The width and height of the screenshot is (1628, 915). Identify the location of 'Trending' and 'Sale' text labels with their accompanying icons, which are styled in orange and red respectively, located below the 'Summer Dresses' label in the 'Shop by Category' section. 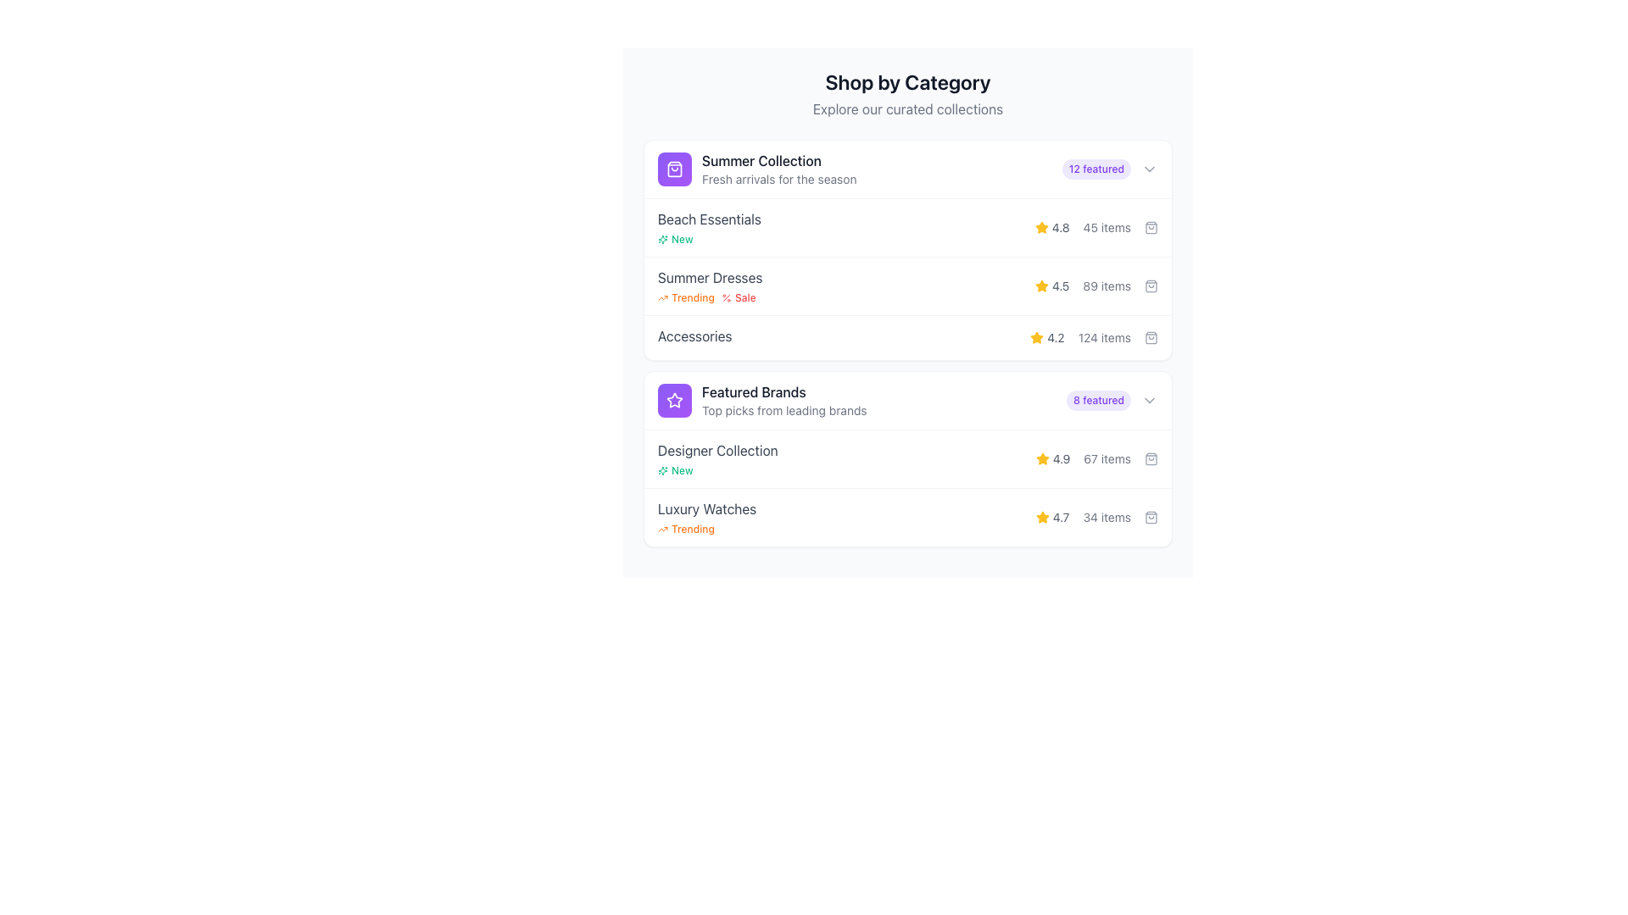
(710, 297).